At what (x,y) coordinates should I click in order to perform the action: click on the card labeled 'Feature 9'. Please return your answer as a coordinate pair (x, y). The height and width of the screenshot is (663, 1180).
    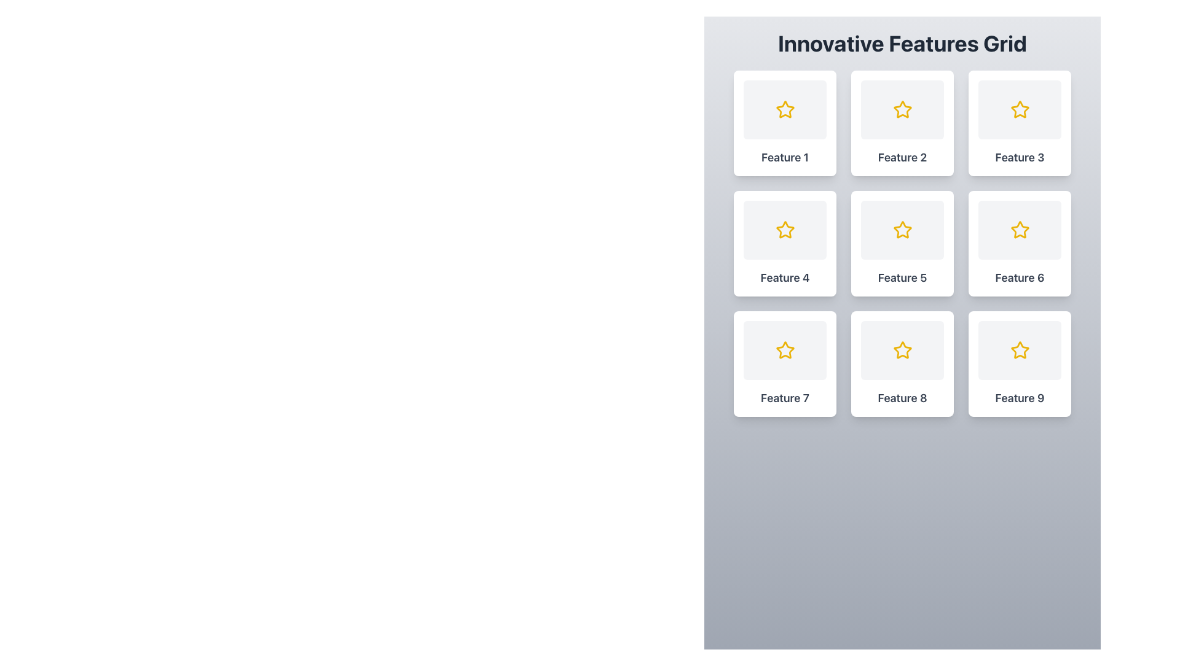
    Looking at the image, I should click on (1020, 363).